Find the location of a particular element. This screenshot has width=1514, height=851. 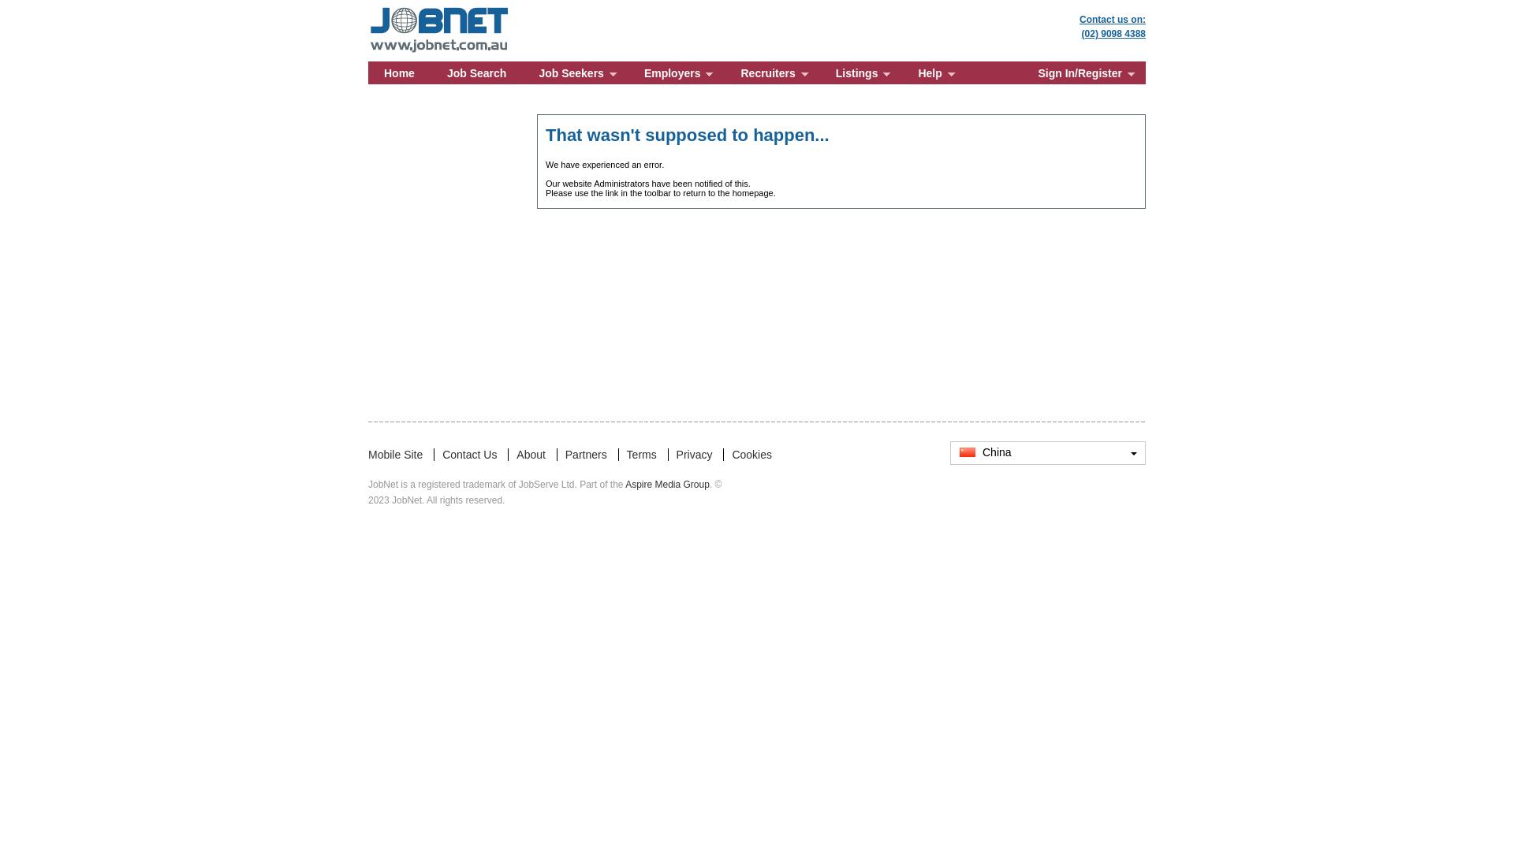

'Mobile Site' is located at coordinates (395, 455).